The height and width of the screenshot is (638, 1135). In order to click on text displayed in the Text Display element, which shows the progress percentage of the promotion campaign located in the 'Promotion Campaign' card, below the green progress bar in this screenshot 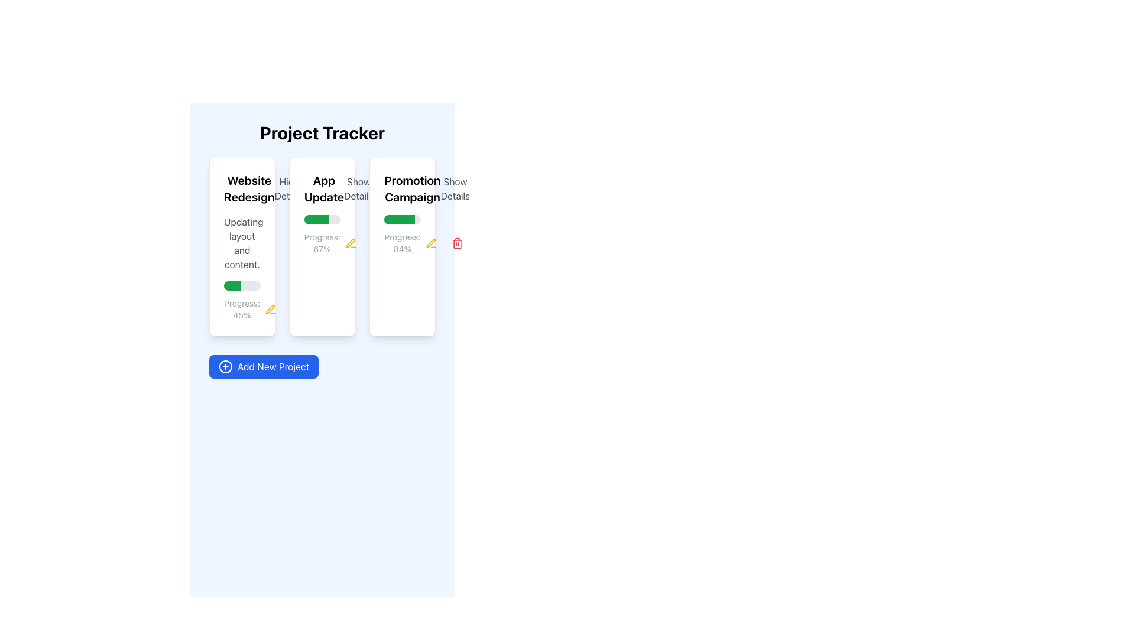, I will do `click(403, 243)`.